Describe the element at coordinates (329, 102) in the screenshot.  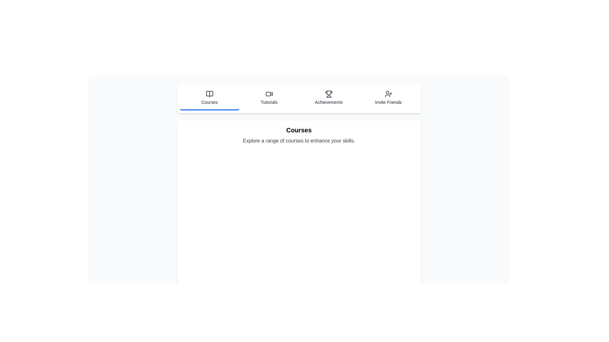
I see `text label displaying 'Achievements' located below the trophy icon in the navigation bar` at that location.